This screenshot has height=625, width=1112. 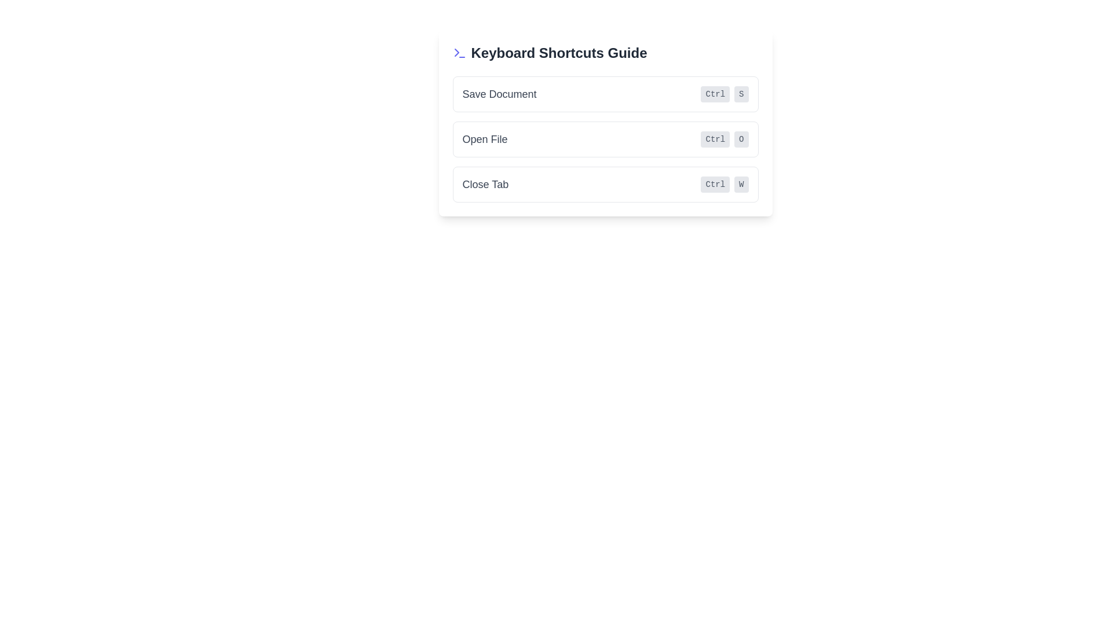 I want to click on the non-interactive vector graphic component of the terminal icon located at the top-left of the keyboard shortcuts guide panel, so click(x=456, y=53).